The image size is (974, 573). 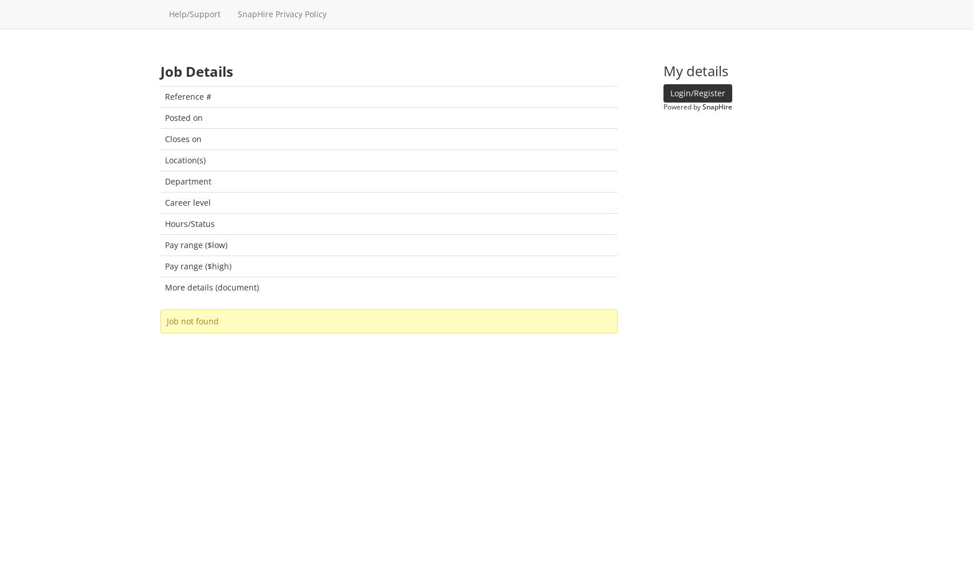 I want to click on 'Pay range ($high)', so click(x=197, y=265).